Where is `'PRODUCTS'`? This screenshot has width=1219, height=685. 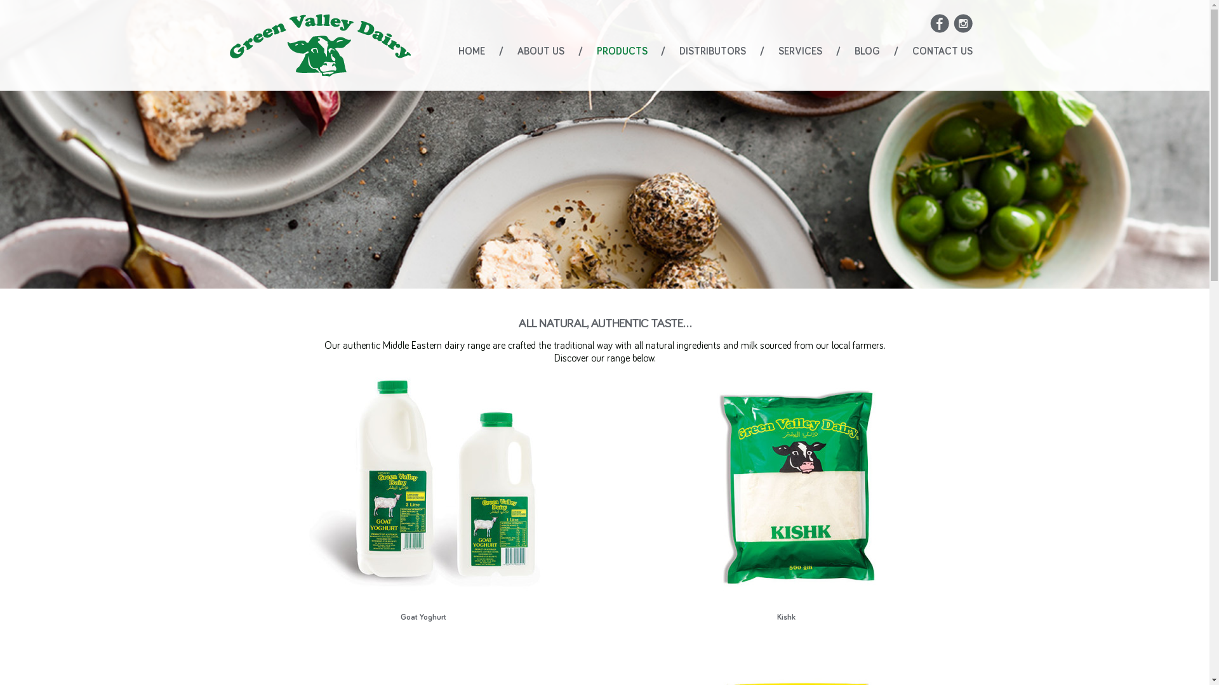 'PRODUCTS' is located at coordinates (622, 51).